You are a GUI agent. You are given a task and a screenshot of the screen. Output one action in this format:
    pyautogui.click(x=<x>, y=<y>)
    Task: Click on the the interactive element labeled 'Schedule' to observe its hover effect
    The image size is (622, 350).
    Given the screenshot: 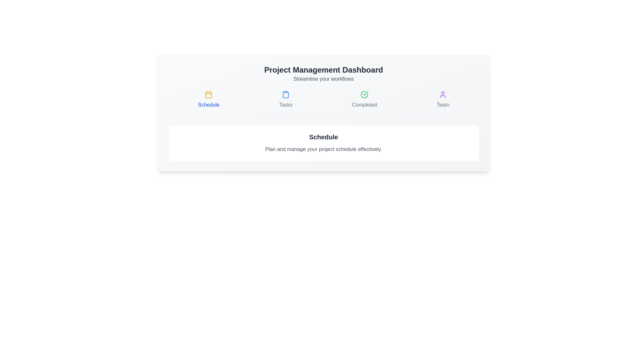 What is the action you would take?
    pyautogui.click(x=208, y=100)
    